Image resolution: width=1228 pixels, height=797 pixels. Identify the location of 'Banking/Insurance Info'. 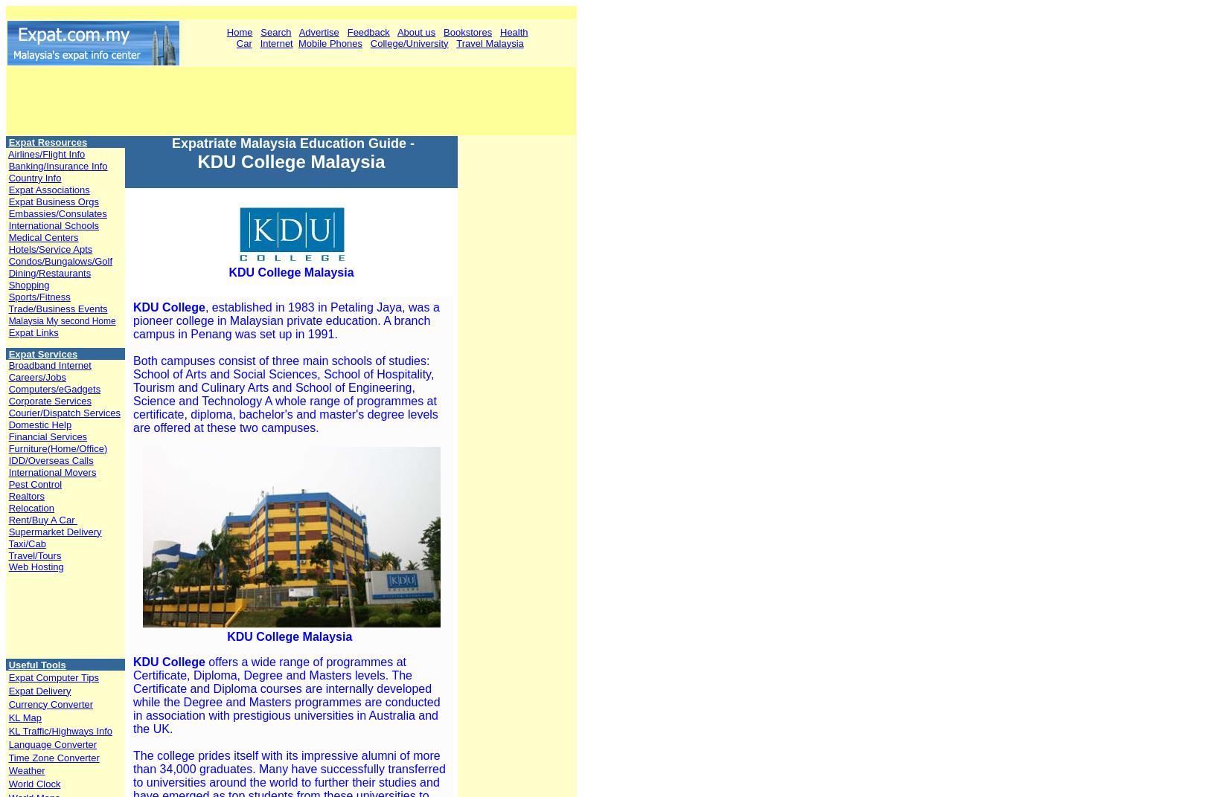
(57, 165).